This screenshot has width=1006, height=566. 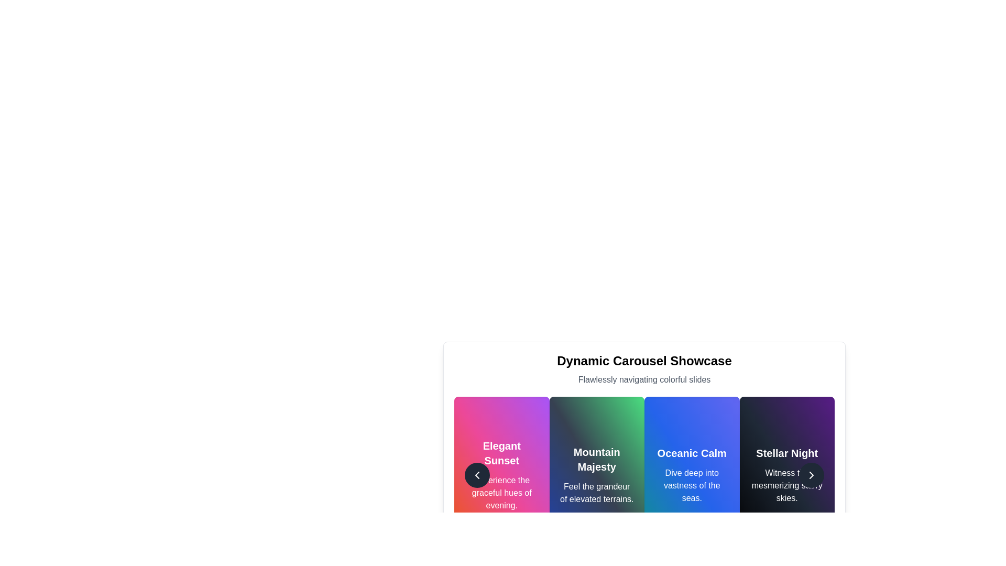 I want to click on the left-pointing chevron arrow button, which is dark gray with a white arrow, so click(x=477, y=475).